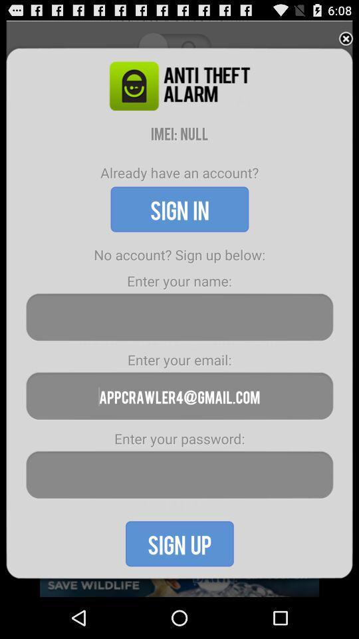  I want to click on the password box, so click(179, 475).